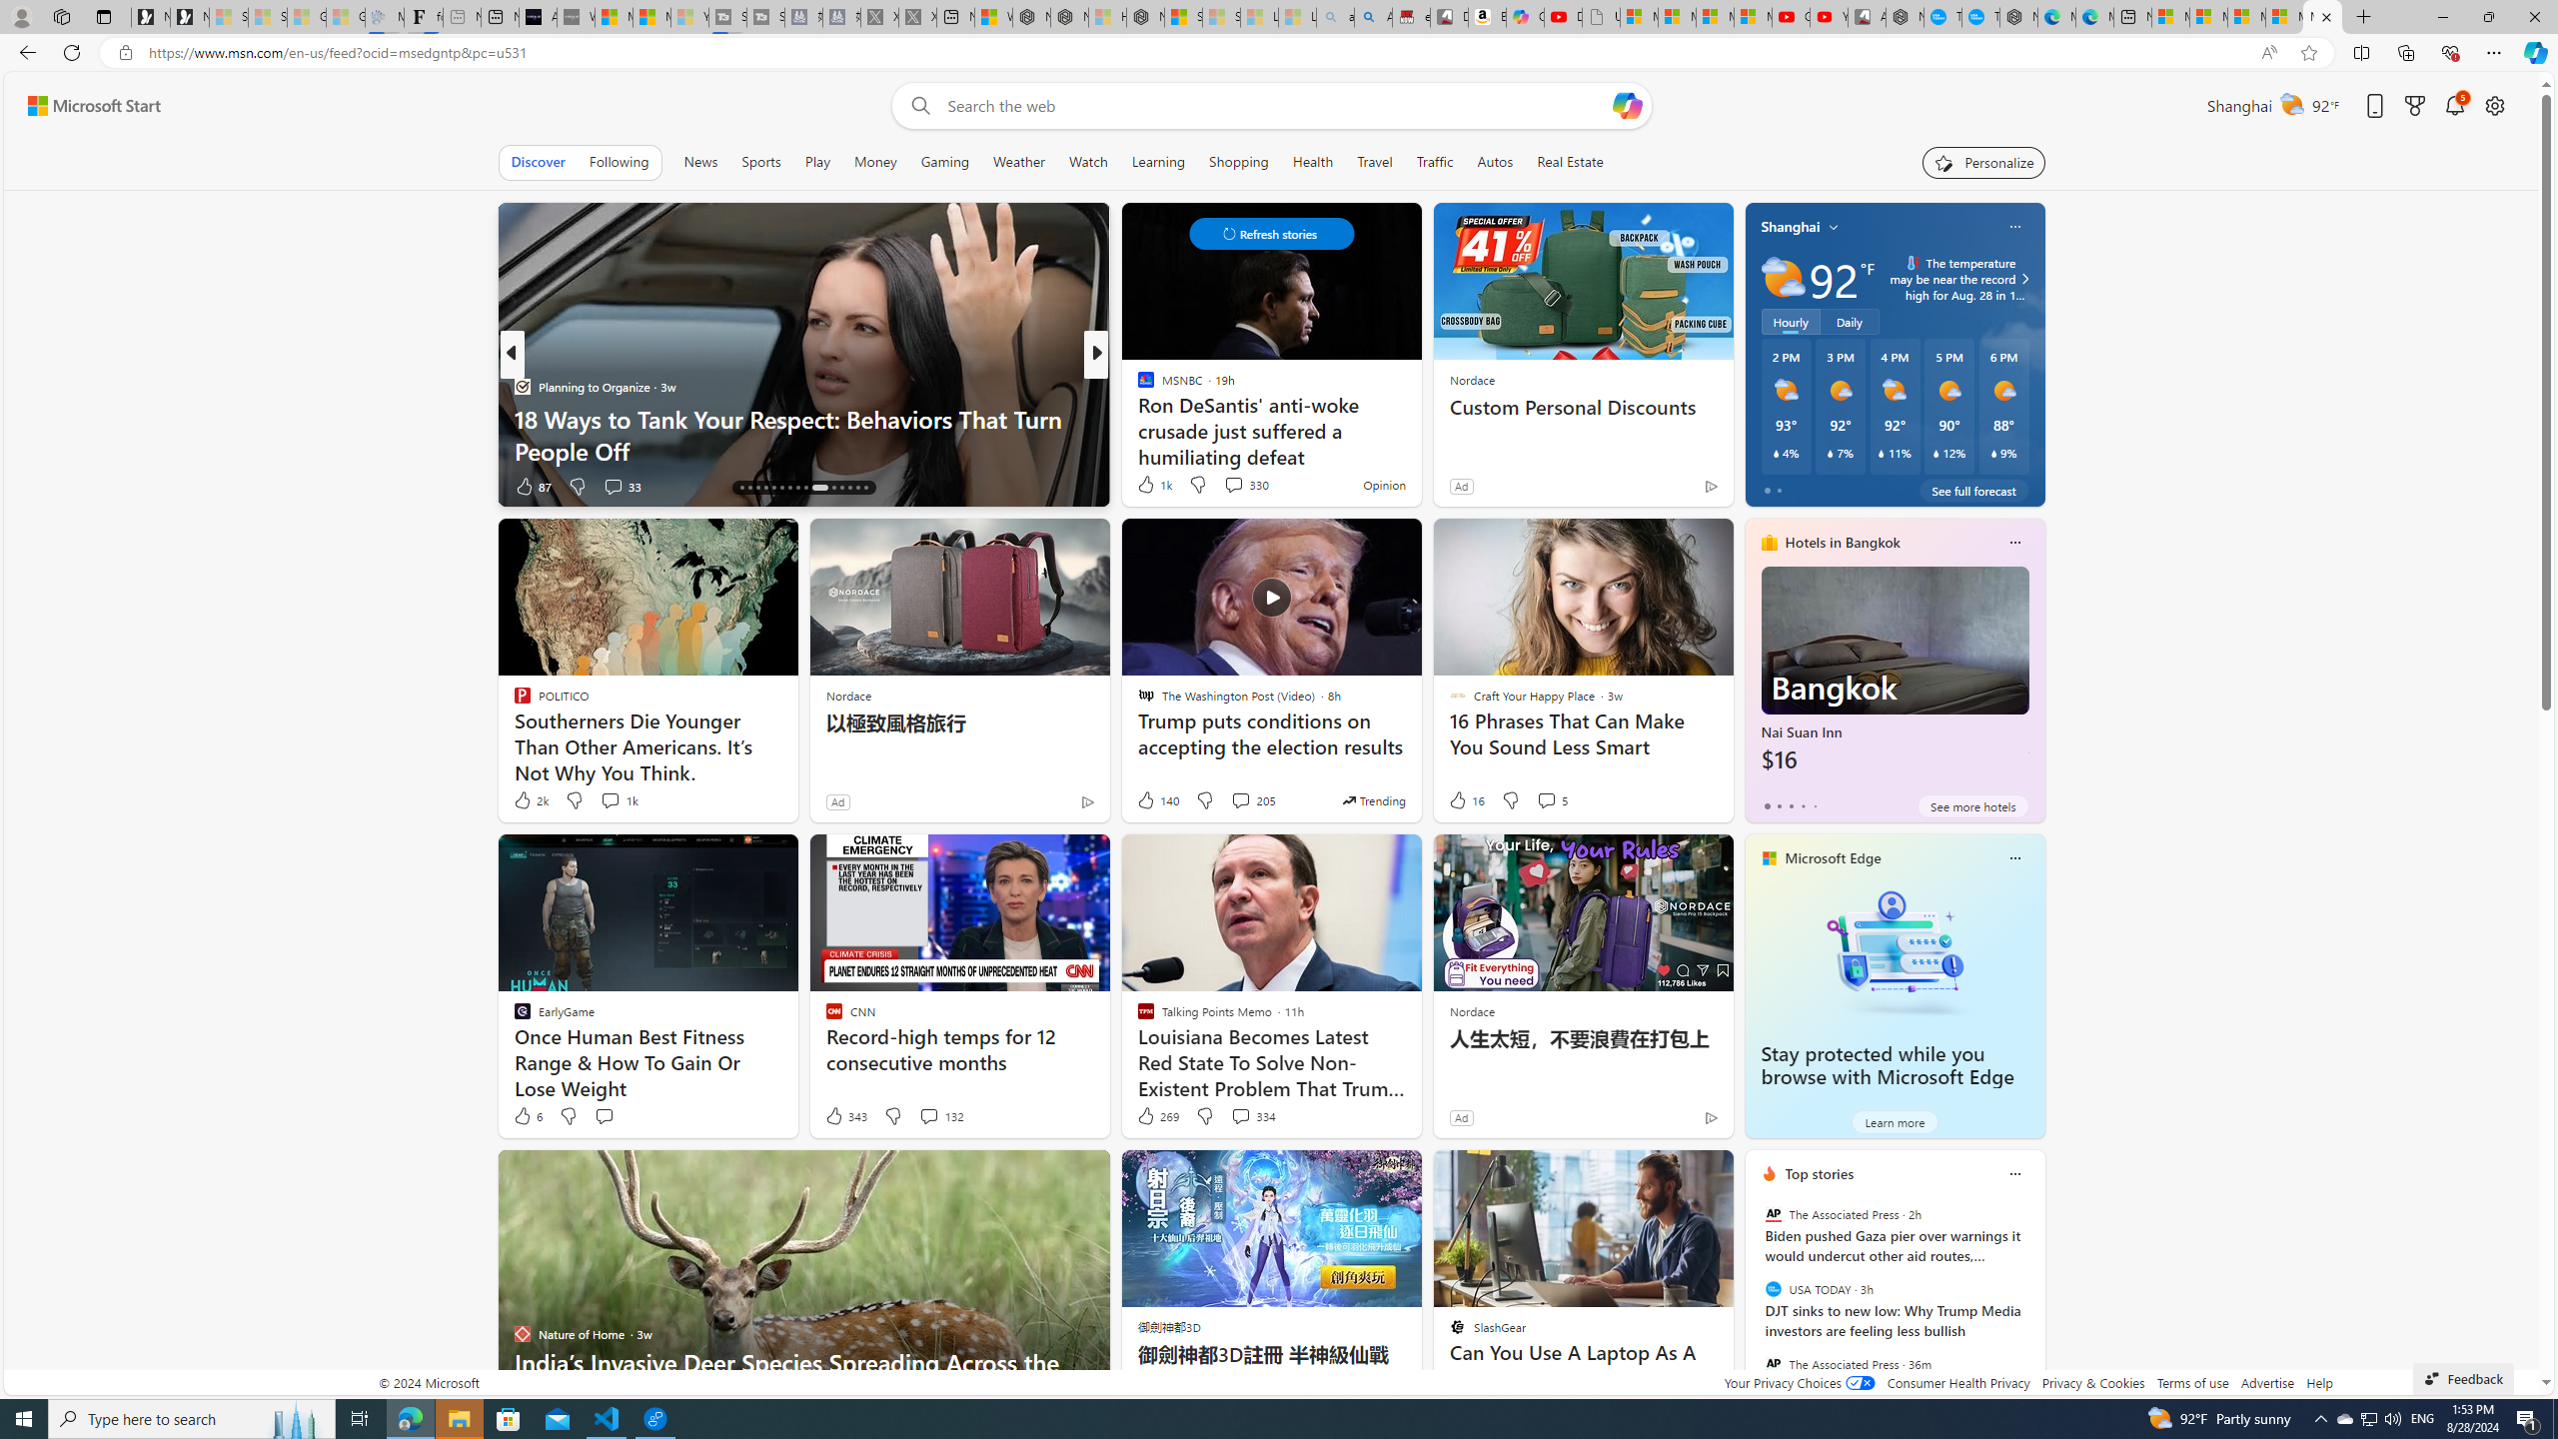  I want to click on 'More options', so click(2013, 1174).